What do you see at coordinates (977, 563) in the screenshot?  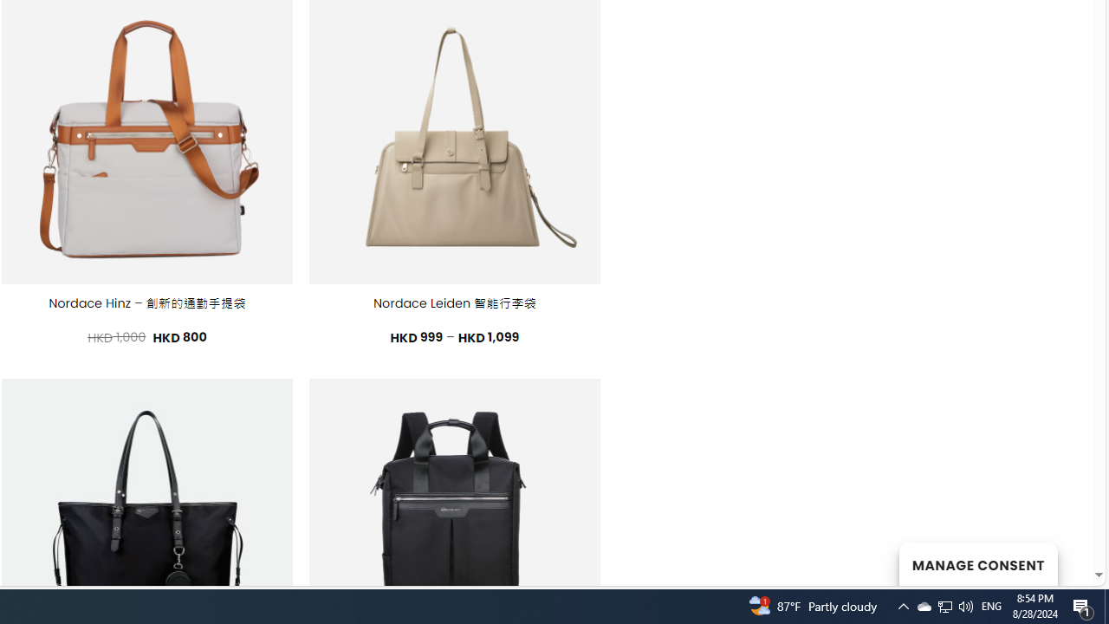 I see `'MANAGE CONSENT'` at bounding box center [977, 563].